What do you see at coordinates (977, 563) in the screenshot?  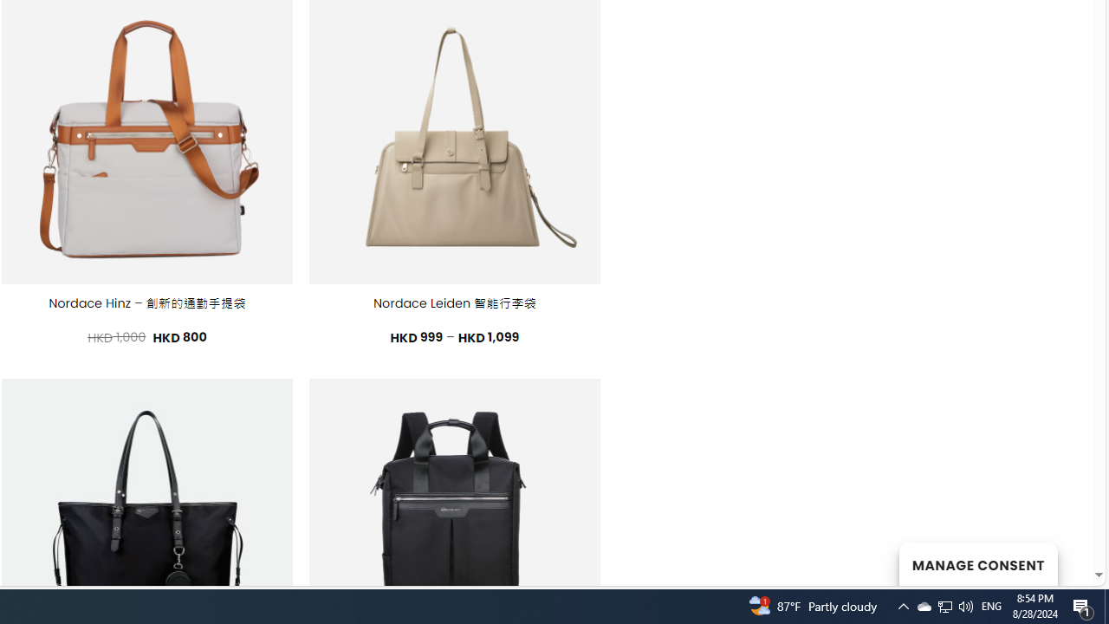 I see `'MANAGE CONSENT'` at bounding box center [977, 563].